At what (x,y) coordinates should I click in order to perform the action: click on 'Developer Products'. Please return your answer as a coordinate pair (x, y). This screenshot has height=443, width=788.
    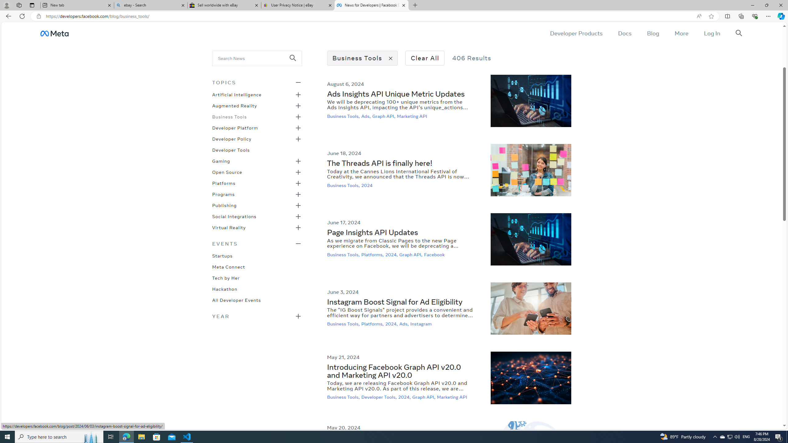
    Looking at the image, I should click on (576, 33).